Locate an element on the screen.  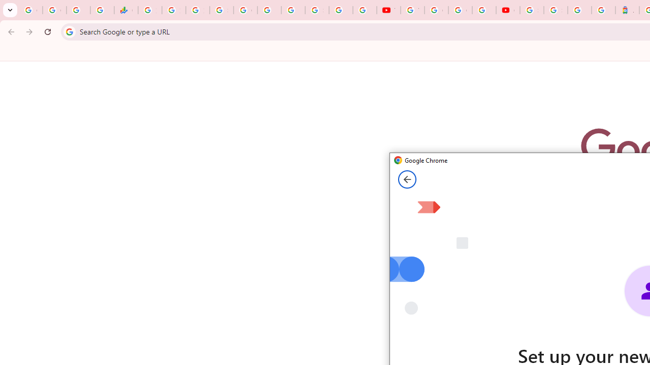
'Content Creator Programs & Opportunities - YouTube Creators' is located at coordinates (508, 10).